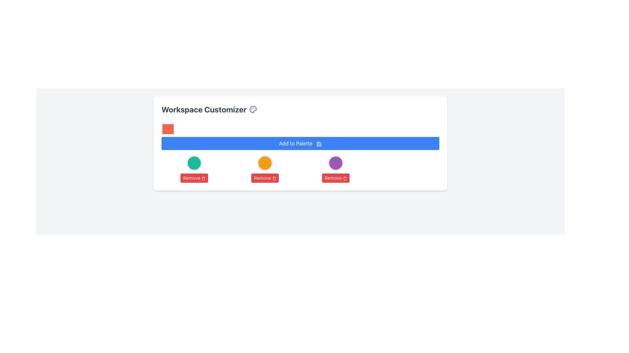 The width and height of the screenshot is (629, 353). Describe the element at coordinates (168, 129) in the screenshot. I see `the red color swatch with hex value '#FF6347'` at that location.